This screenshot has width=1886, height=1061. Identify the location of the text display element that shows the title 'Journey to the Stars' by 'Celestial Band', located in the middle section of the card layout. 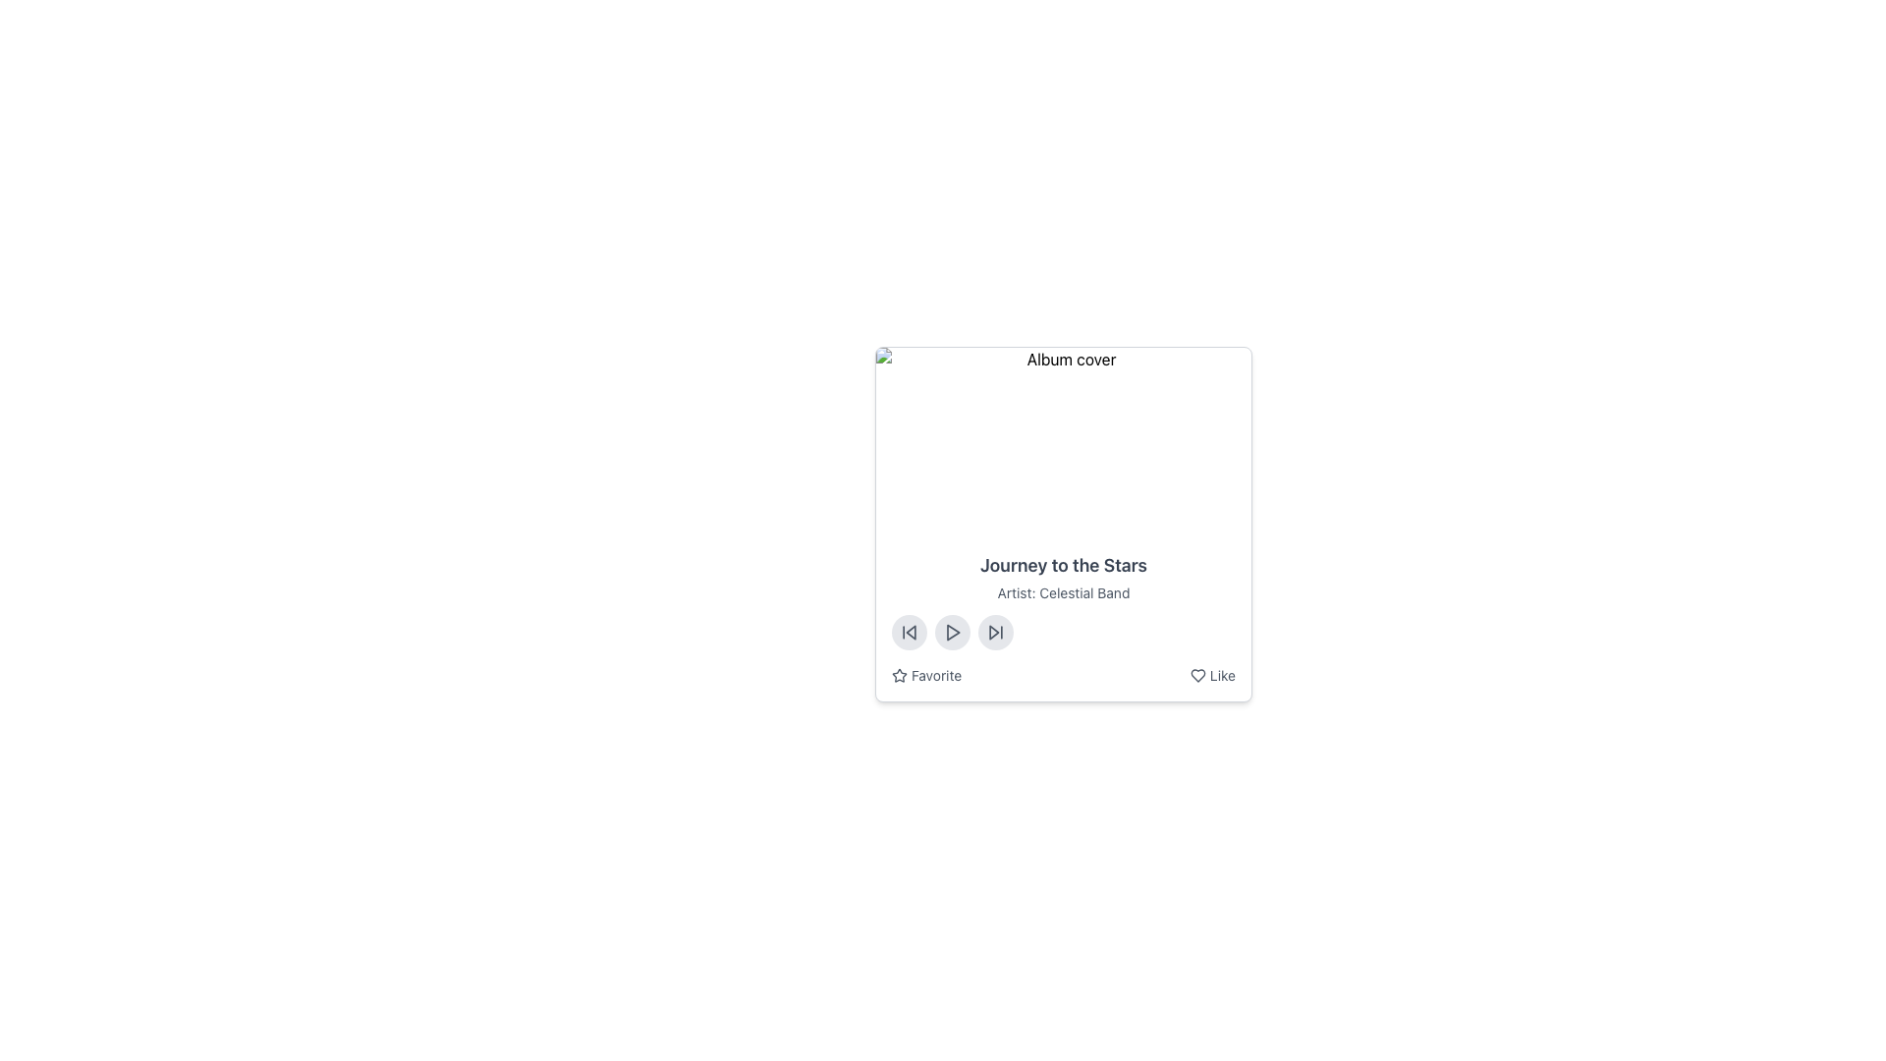
(1063, 600).